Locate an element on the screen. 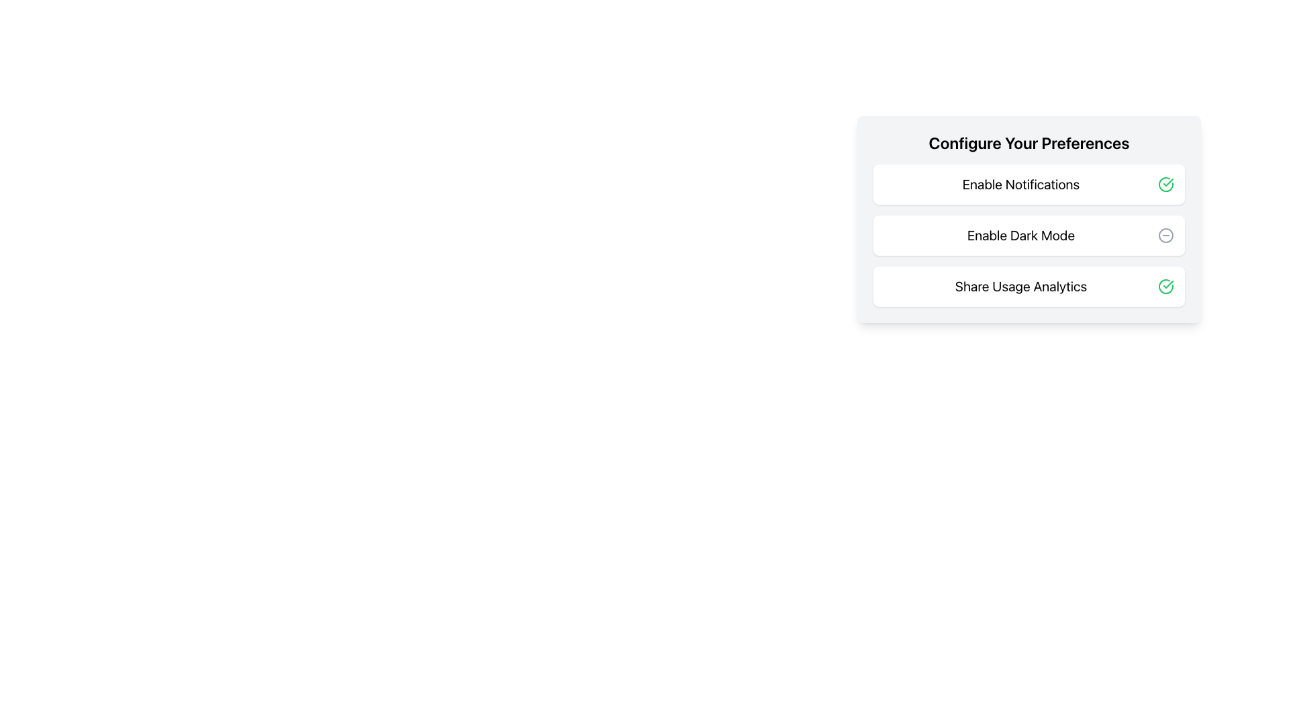 The height and width of the screenshot is (725, 1289). the Text Label that serves as a title for the notification toggle option, positioned above 'Enable Dark Mode' in the settings interface is located at coordinates (1020, 184).